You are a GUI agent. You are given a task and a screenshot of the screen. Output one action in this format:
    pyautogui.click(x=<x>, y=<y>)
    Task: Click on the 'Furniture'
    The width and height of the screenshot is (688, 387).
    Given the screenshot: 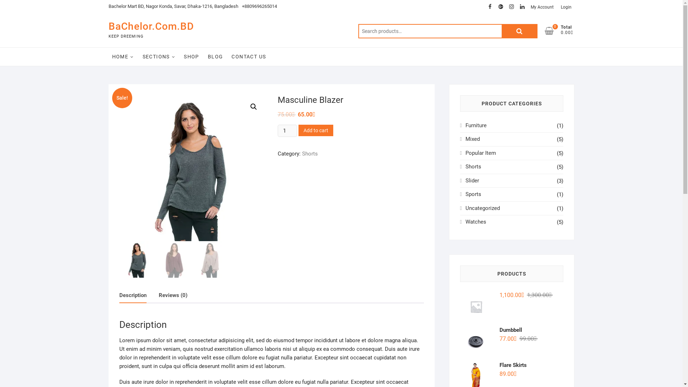 What is the action you would take?
    pyautogui.click(x=476, y=125)
    